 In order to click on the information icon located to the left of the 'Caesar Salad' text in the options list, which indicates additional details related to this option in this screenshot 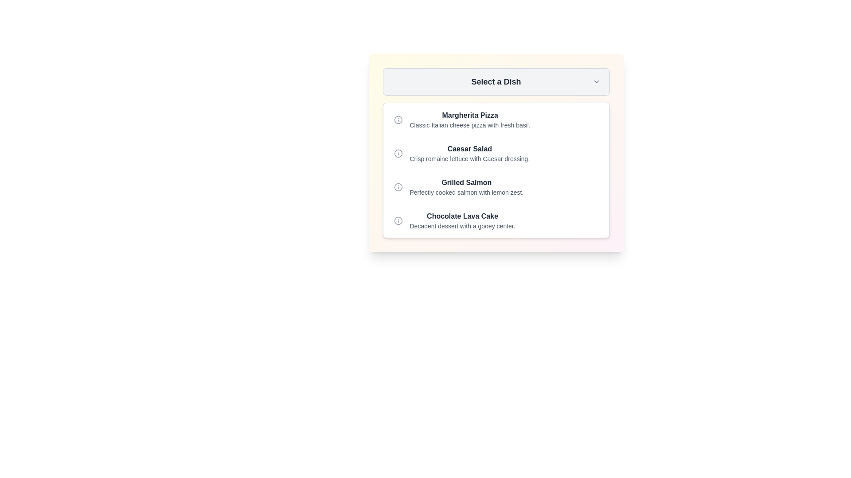, I will do `click(398, 153)`.